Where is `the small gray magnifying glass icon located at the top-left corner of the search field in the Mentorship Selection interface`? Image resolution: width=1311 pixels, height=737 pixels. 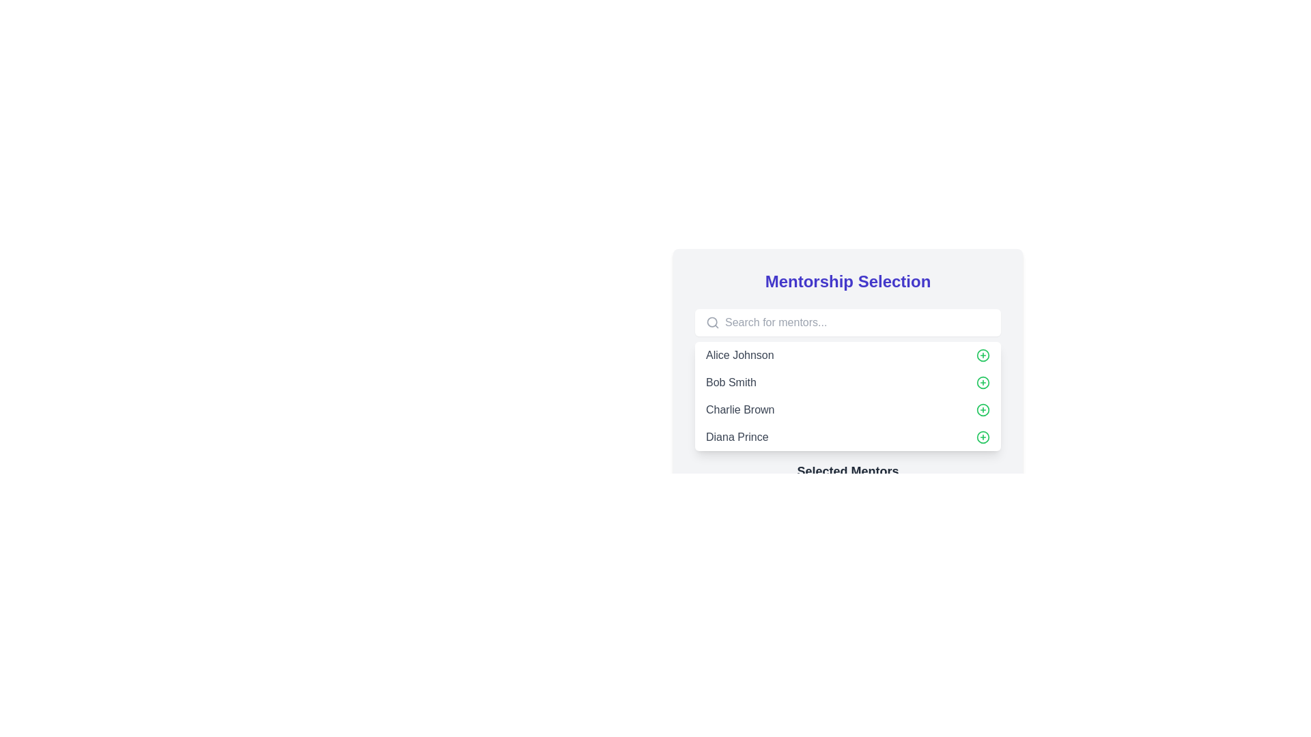
the small gray magnifying glass icon located at the top-left corner of the search field in the Mentorship Selection interface is located at coordinates (711, 323).